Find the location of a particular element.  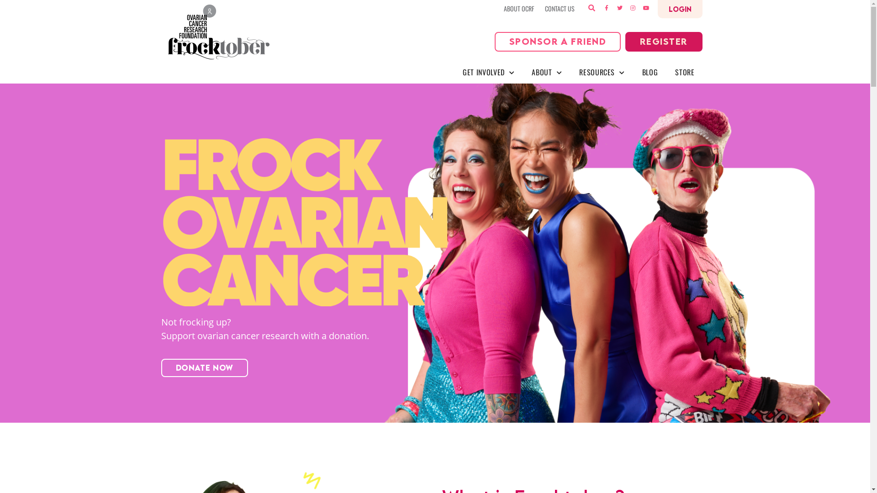

'GET INVOLVED' is located at coordinates (488, 72).